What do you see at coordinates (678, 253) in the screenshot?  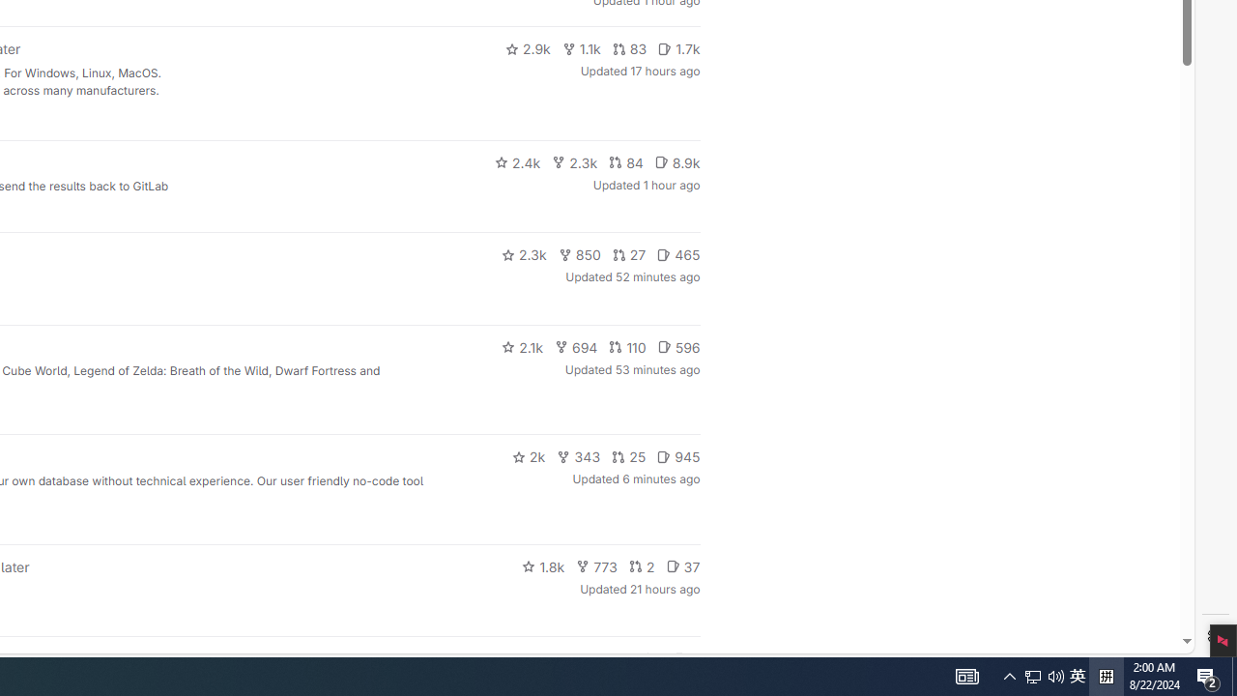 I see `'465'` at bounding box center [678, 253].